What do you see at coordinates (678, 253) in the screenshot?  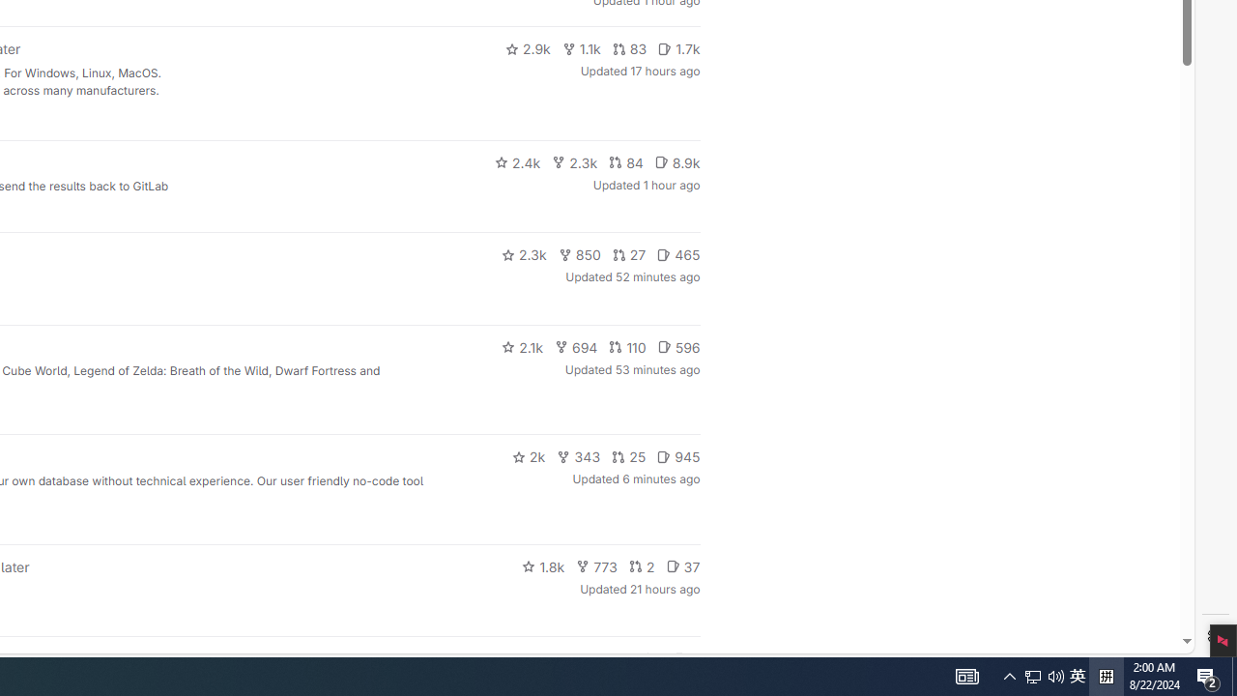 I see `'465'` at bounding box center [678, 253].